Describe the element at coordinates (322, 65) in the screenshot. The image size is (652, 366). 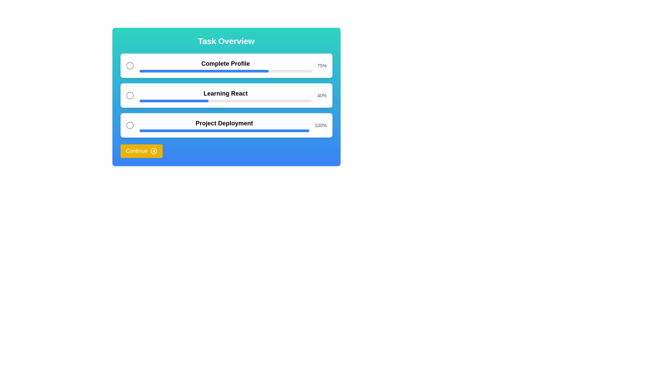
I see `the text label displaying '75%' located within the 'Complete Profile' card, which is styled with a small font size and gray hue` at that location.